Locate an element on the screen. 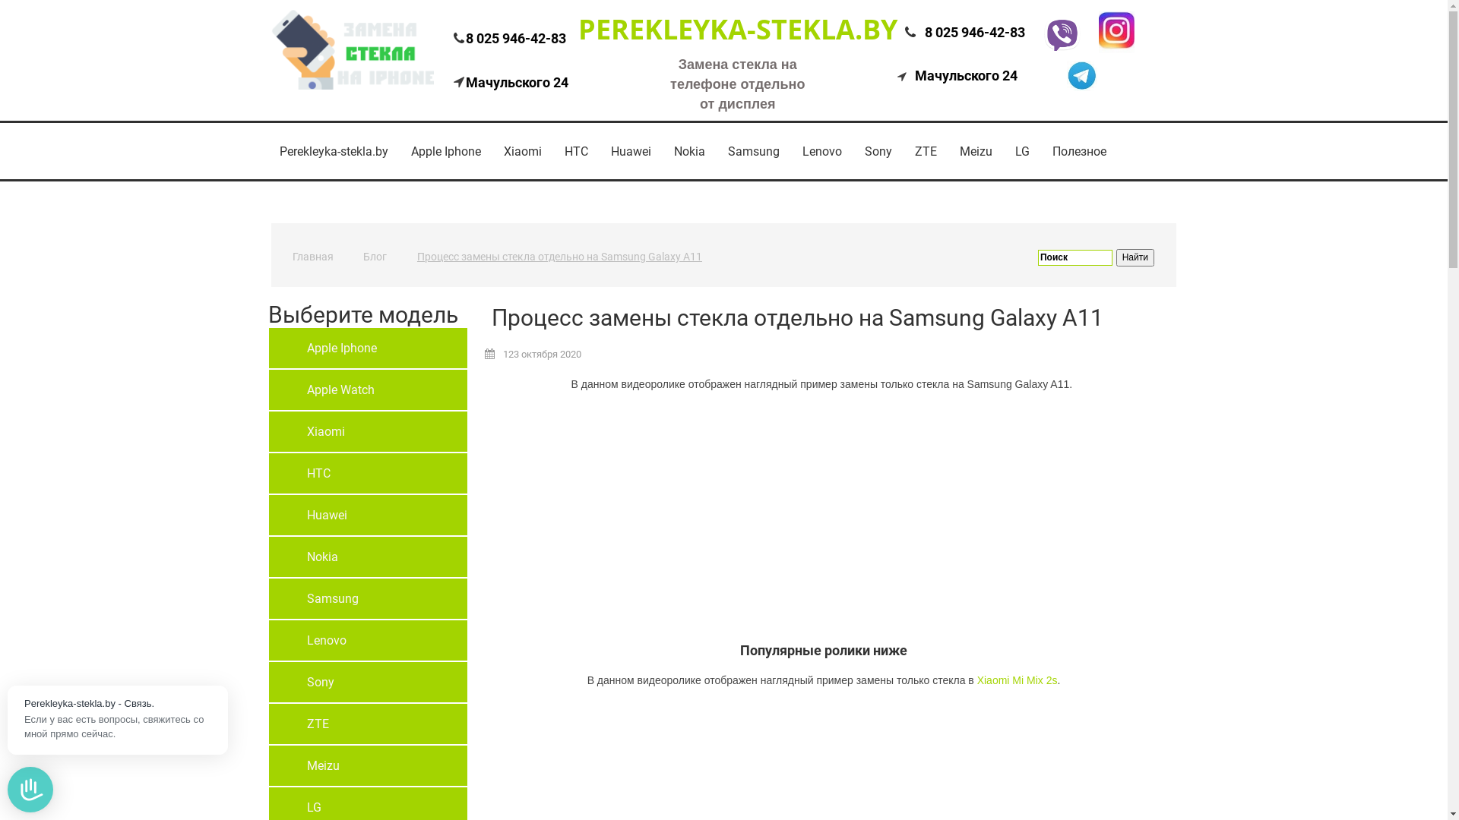 The image size is (1459, 820). 'Nokia' is located at coordinates (688, 152).